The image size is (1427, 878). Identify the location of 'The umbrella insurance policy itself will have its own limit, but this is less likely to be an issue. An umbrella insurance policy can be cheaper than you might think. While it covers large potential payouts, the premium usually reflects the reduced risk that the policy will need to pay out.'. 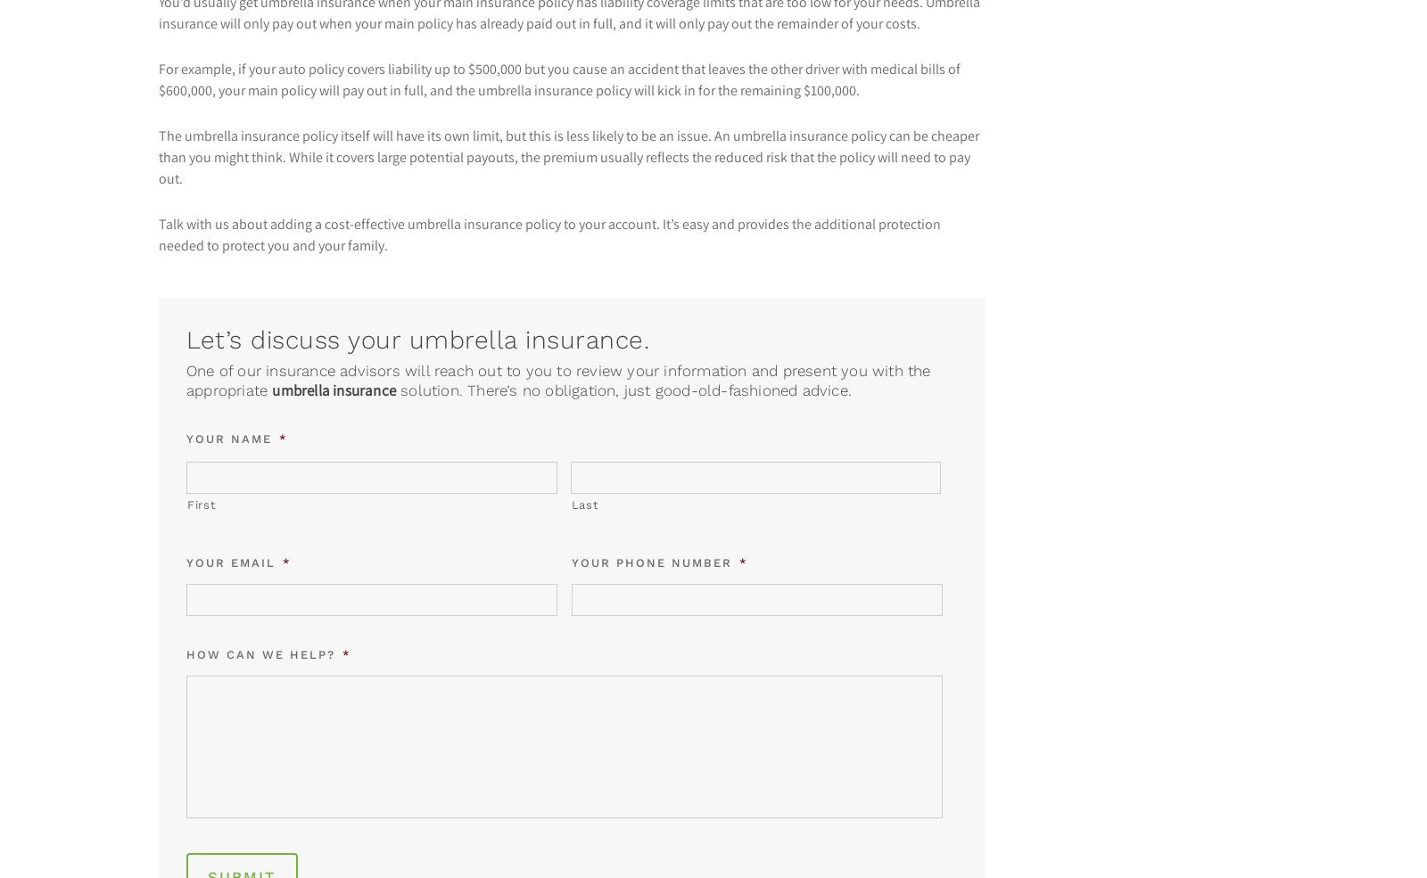
(156, 156).